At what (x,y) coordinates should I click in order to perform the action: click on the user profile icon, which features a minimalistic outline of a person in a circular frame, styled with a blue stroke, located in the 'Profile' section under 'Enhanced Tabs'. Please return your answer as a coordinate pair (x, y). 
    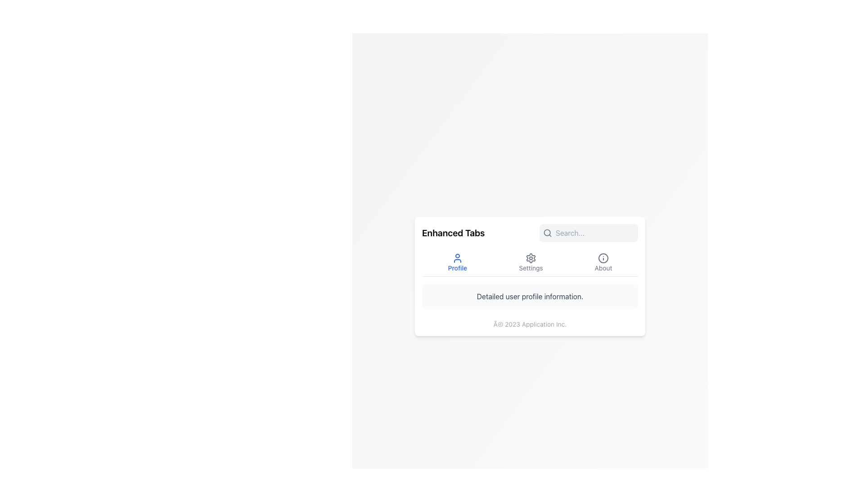
    Looking at the image, I should click on (457, 258).